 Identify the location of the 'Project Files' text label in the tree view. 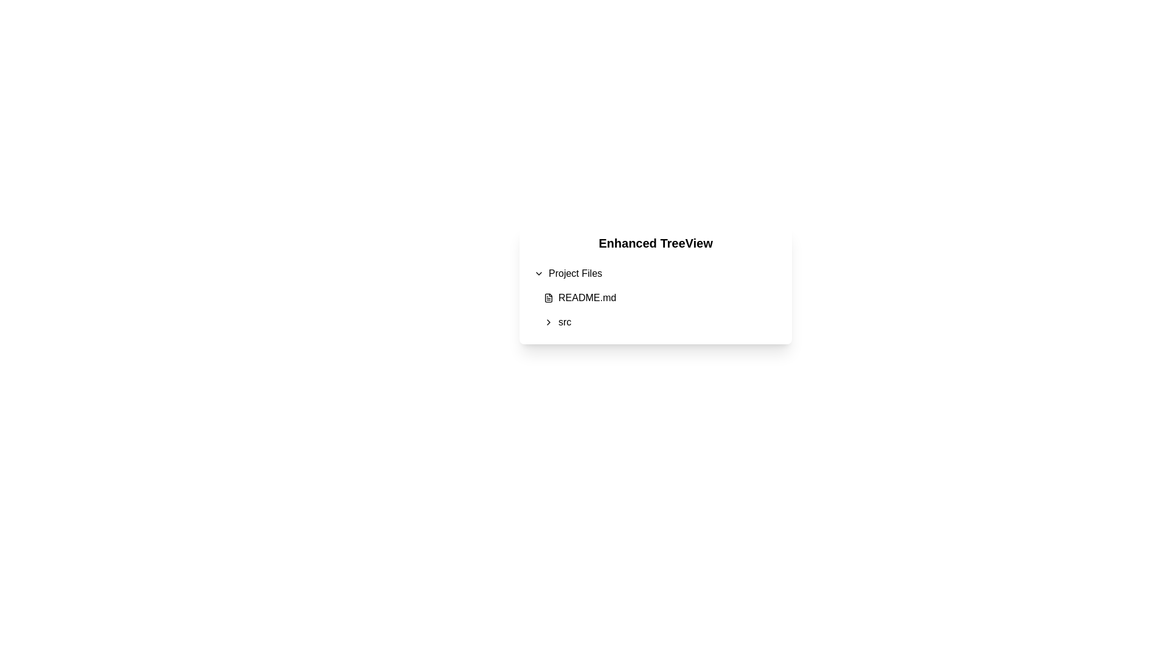
(574, 274).